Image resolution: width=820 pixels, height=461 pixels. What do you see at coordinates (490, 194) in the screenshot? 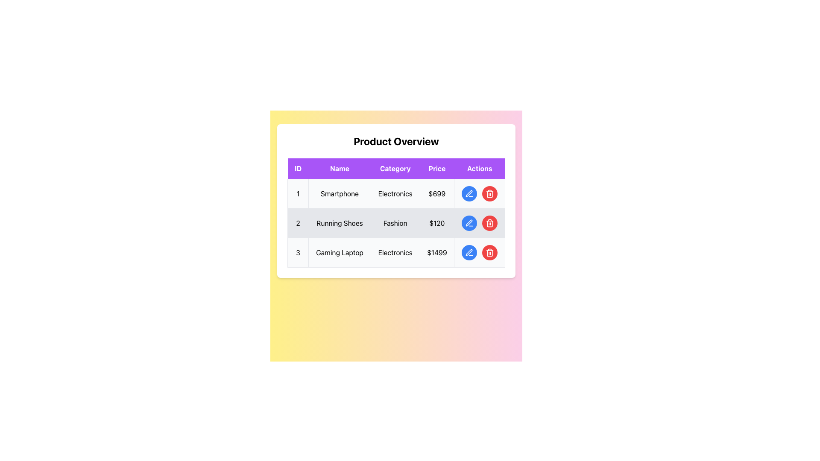
I see `the circular red button with a white trash can icon located in the 'Actions' column of the first row` at bounding box center [490, 194].